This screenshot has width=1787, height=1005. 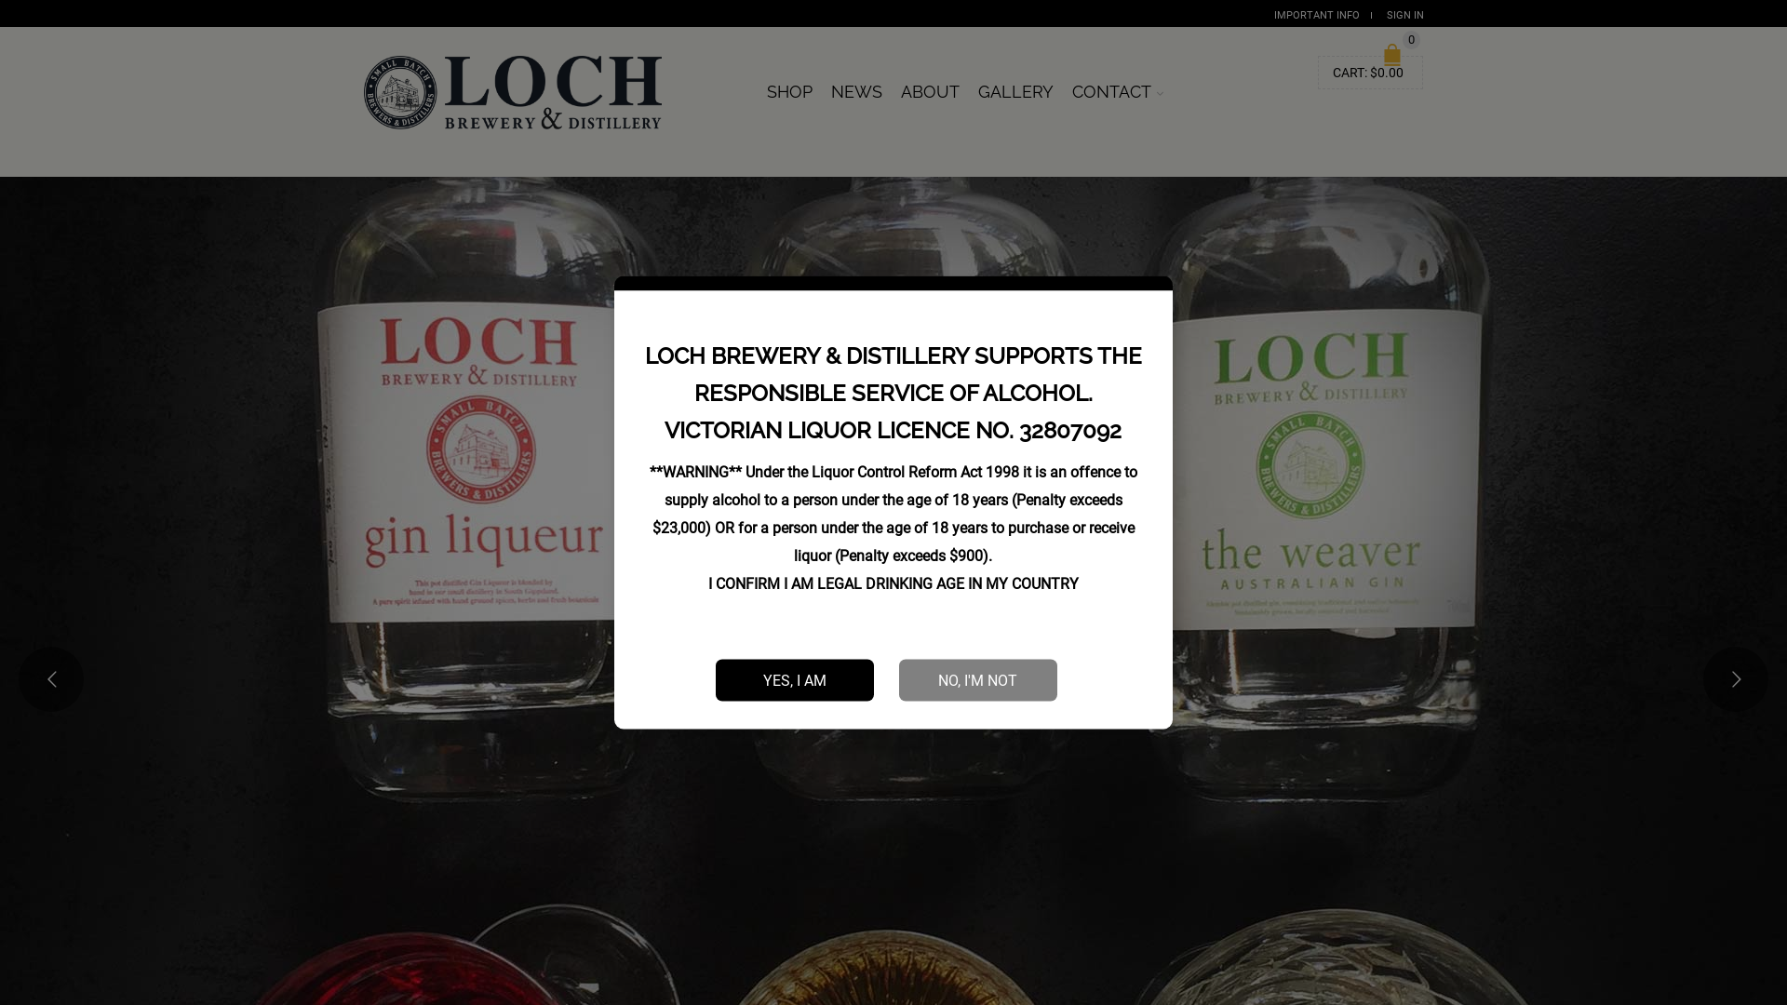 I want to click on 'SIGN IN', so click(x=1405, y=15).